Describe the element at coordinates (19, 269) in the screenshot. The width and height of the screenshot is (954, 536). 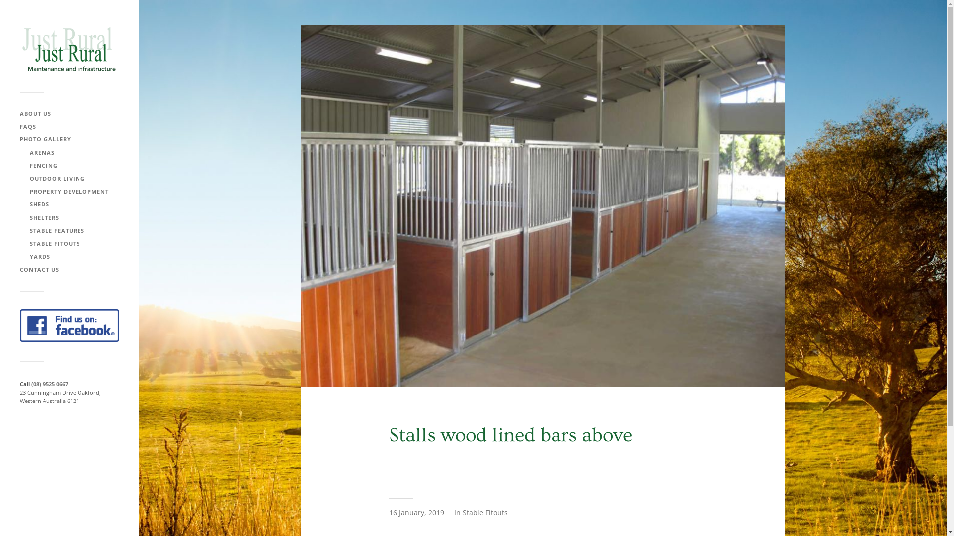
I see `'CONTACT US'` at that location.